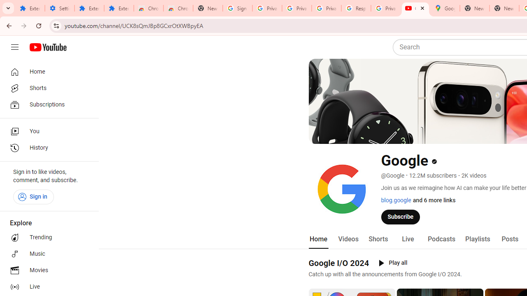 This screenshot has width=527, height=296. I want to click on 'blog.google', so click(396, 200).